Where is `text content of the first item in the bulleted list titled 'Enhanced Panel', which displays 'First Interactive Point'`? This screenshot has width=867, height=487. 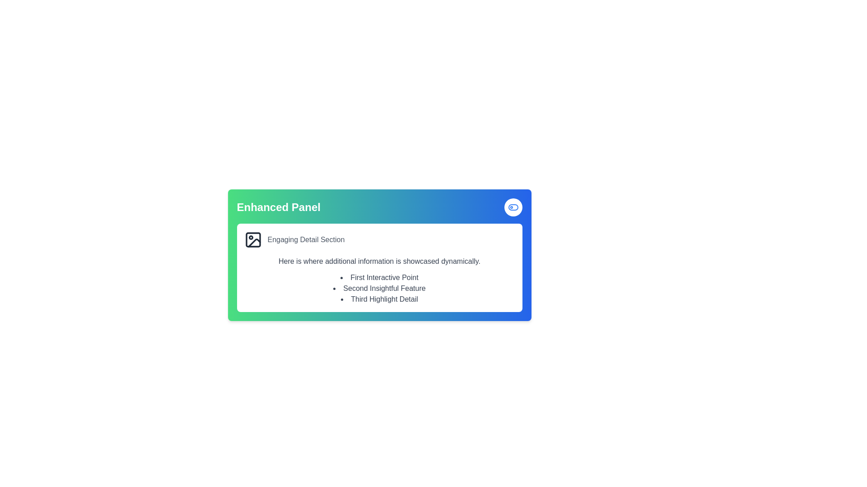 text content of the first item in the bulleted list titled 'Enhanced Panel', which displays 'First Interactive Point' is located at coordinates (379, 277).